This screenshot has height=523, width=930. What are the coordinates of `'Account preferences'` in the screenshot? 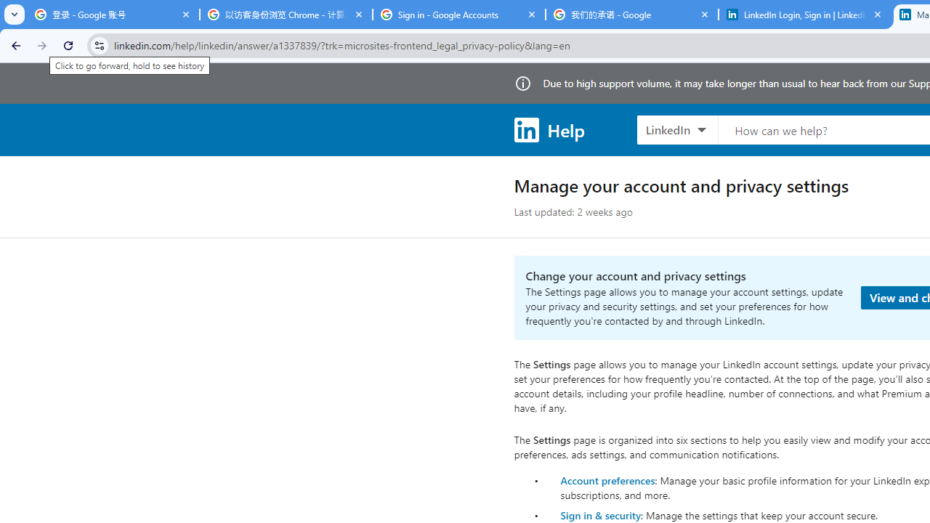 It's located at (607, 479).